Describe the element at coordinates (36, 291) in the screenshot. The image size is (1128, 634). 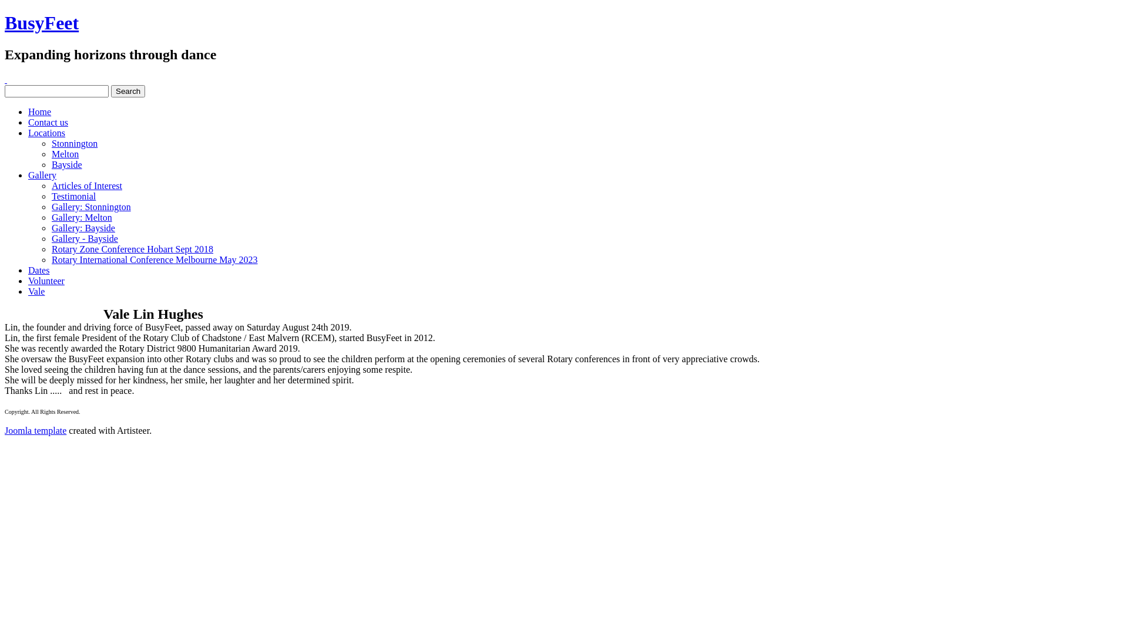
I see `'Vale'` at that location.